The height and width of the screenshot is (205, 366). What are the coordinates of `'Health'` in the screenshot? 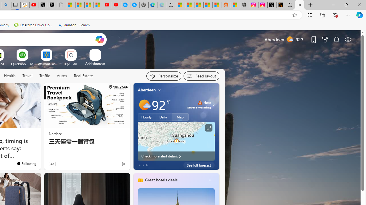 It's located at (9, 76).